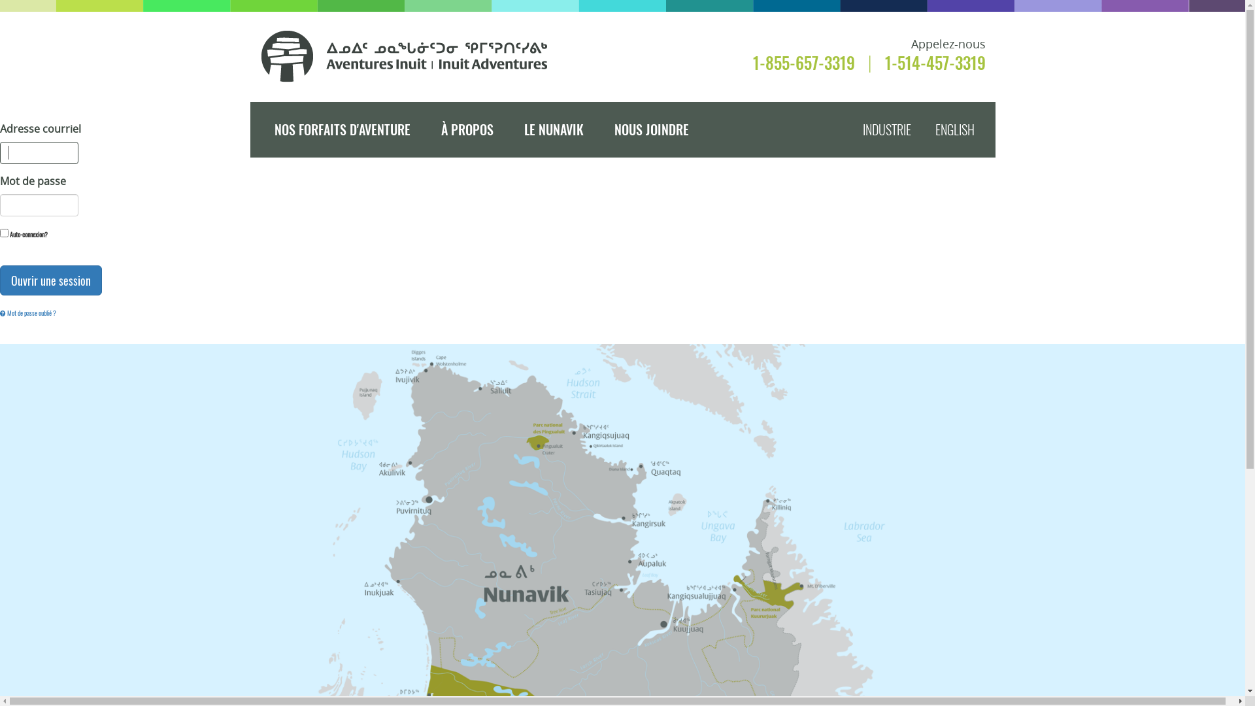 The width and height of the screenshot is (1255, 706). I want to click on 'NOS FORFAITS D'AVENTURE', so click(342, 129).